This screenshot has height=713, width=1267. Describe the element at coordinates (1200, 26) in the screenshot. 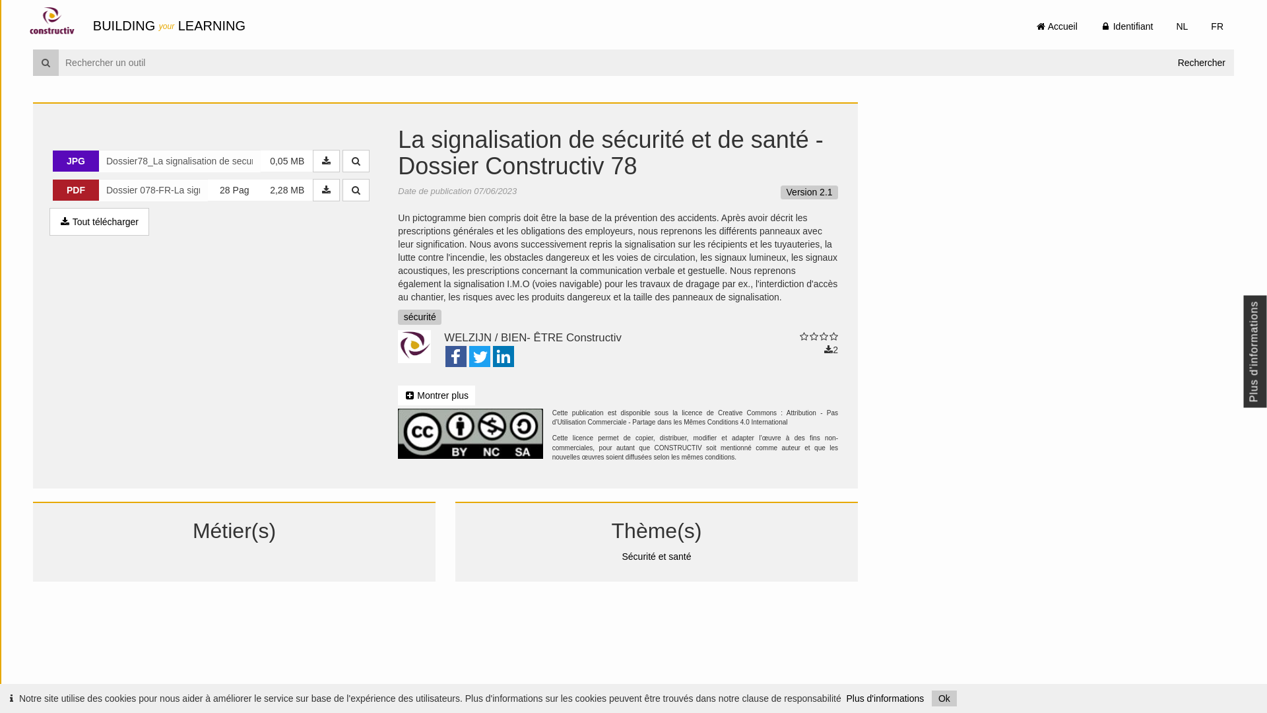

I see `'FR'` at that location.